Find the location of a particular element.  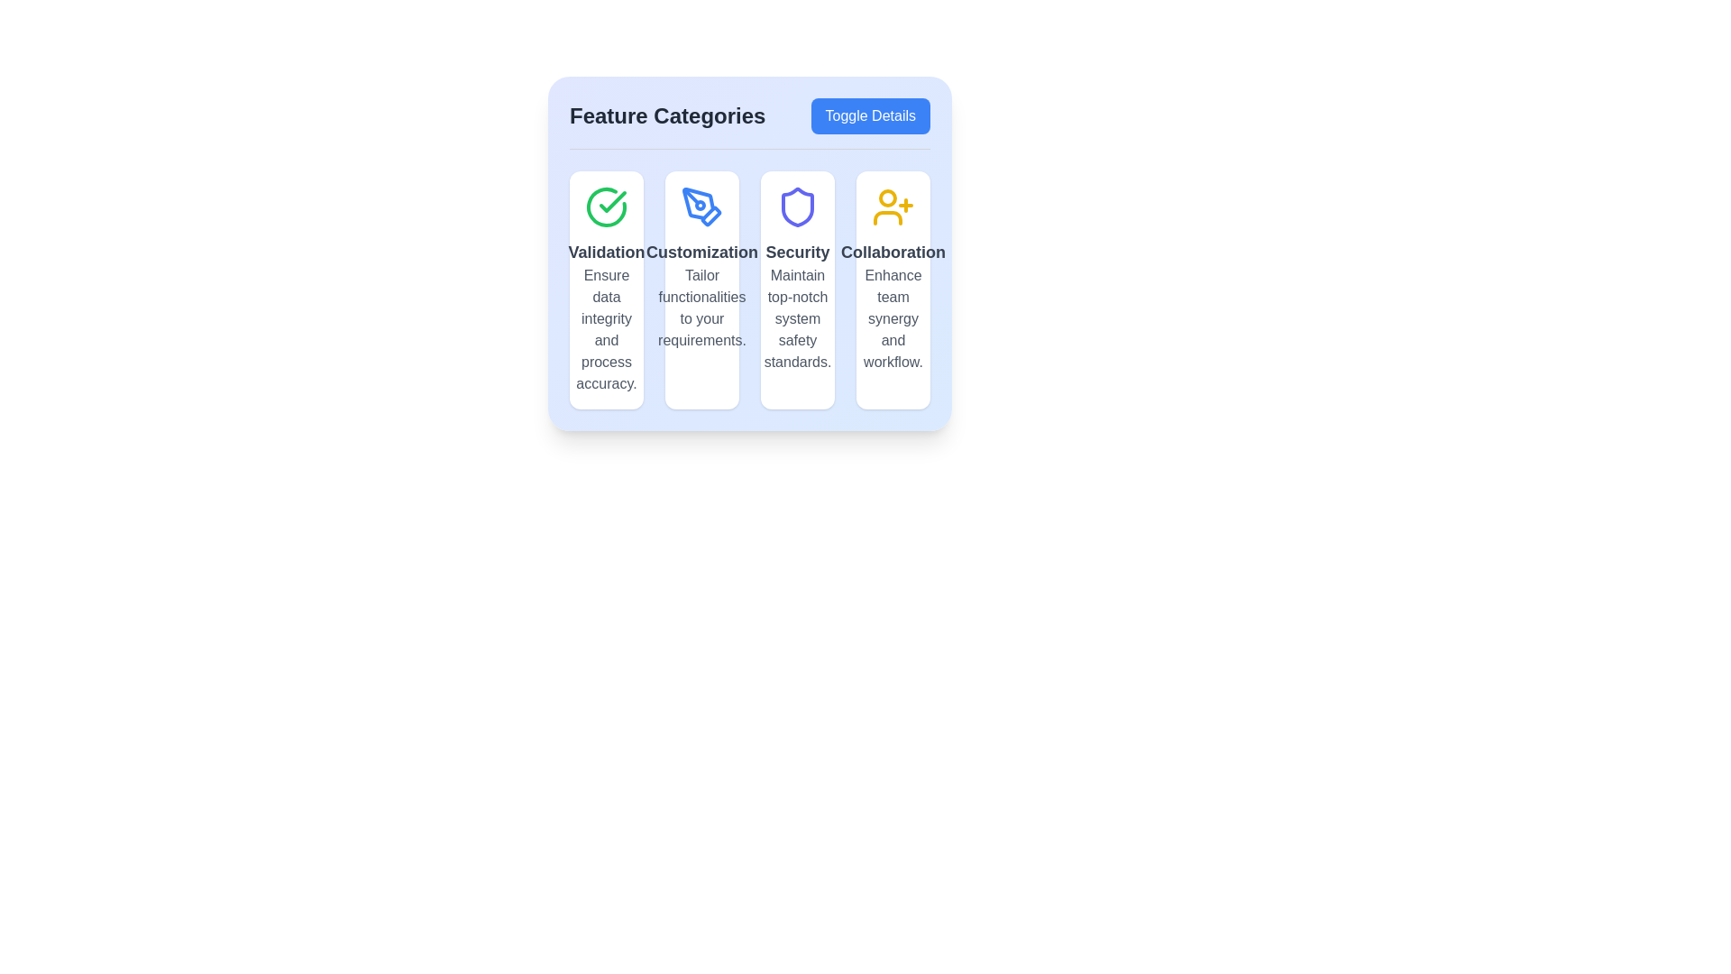

the text label providing context about the 'Customization' feature, located directly beneath the 'Customization' heading in the second column of a grid layout is located at coordinates (701, 308).